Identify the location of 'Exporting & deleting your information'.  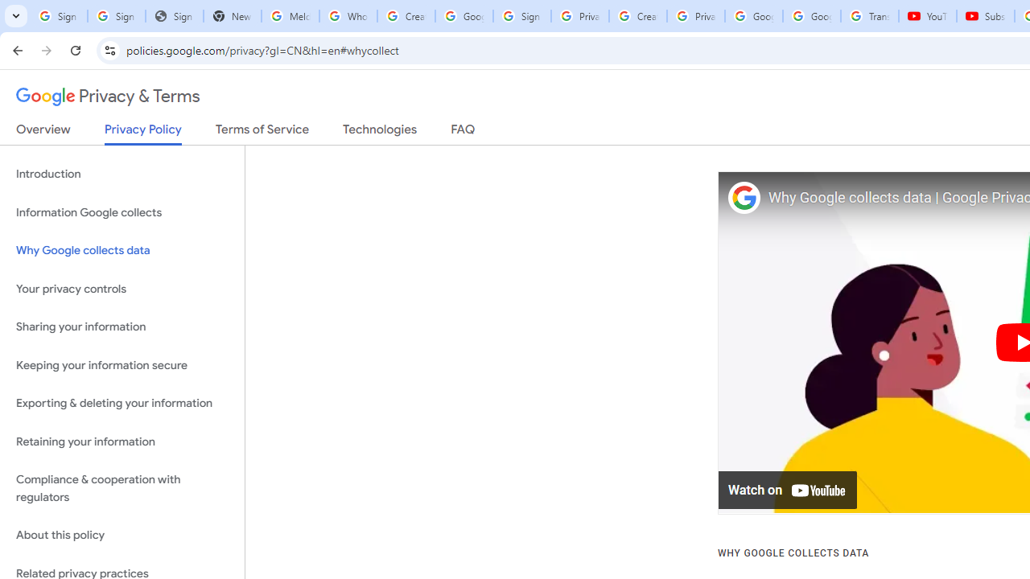
(122, 403).